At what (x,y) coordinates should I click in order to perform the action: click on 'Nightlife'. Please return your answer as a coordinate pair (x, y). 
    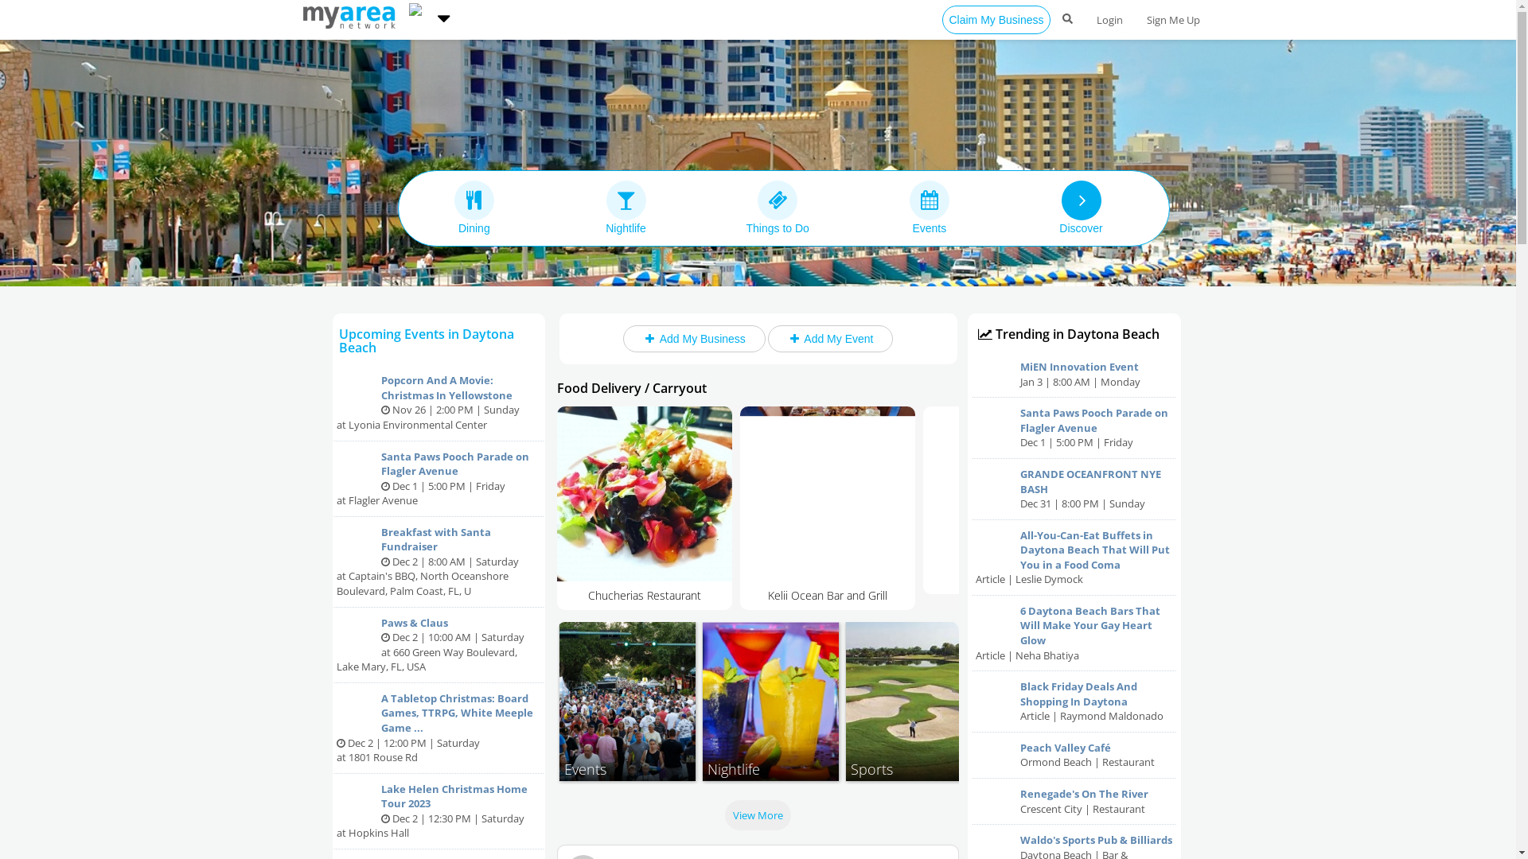
    Looking at the image, I should click on (625, 207).